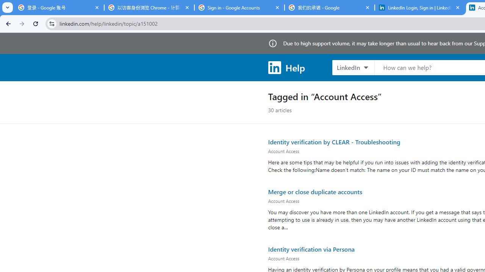 This screenshot has width=485, height=272. What do you see at coordinates (311, 249) in the screenshot?
I see `'Identity verification via Persona'` at bounding box center [311, 249].